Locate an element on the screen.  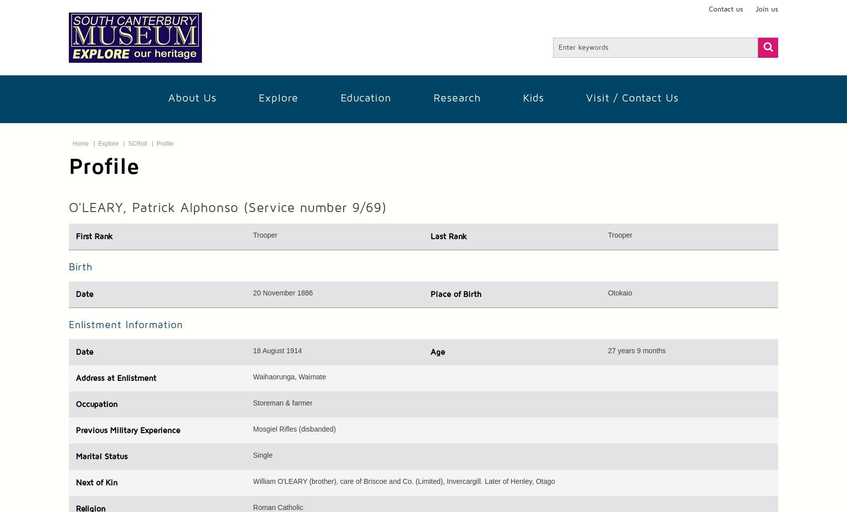
'27 years 9 months' is located at coordinates (637, 350).